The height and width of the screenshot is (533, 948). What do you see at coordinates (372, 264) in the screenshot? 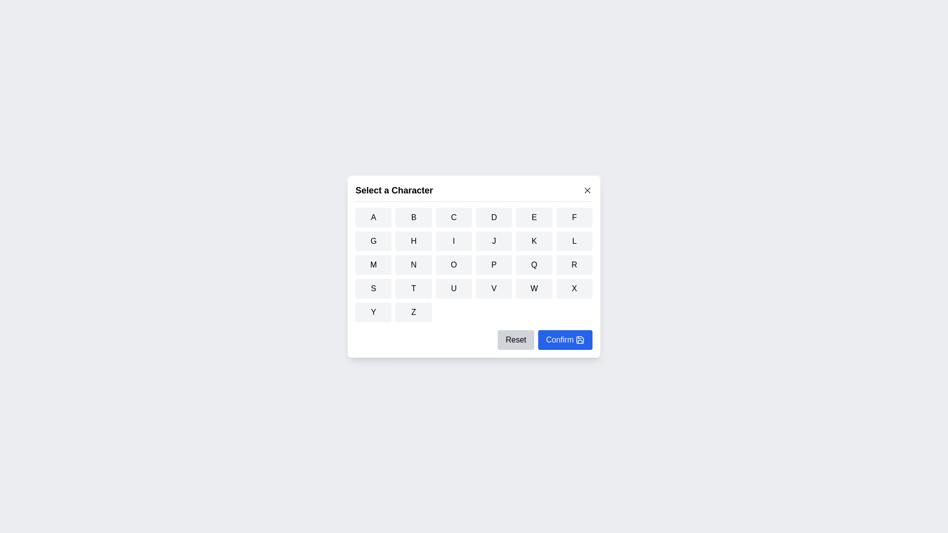
I see `the button corresponding to the character M to select it` at bounding box center [372, 264].